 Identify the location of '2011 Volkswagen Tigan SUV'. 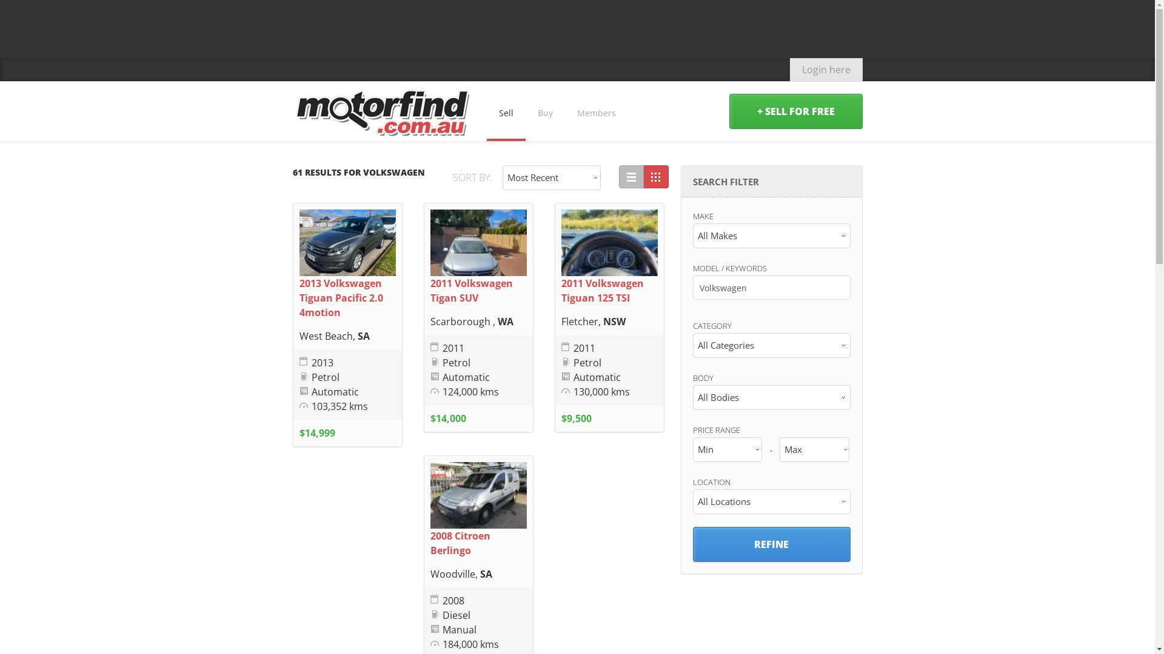
(470, 290).